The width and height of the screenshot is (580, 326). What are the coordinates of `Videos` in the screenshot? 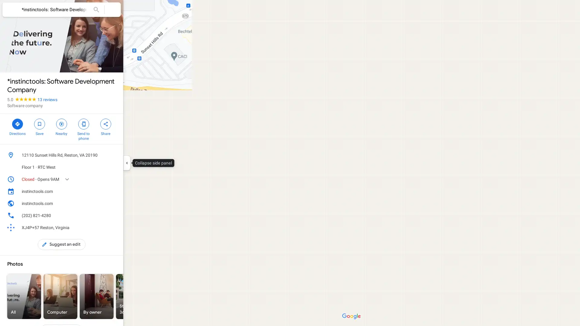 It's located at (169, 296).